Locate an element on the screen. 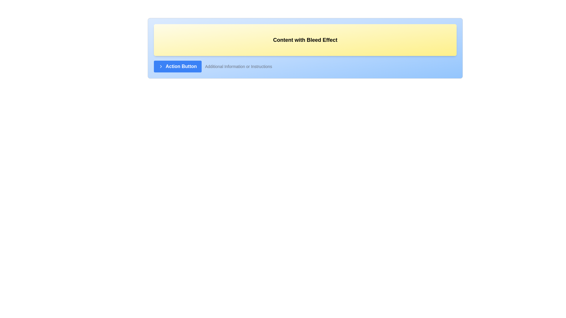  the Text Label displaying 'Additional Information or Instructions', which is positioned to the right of the blue 'Action Button' is located at coordinates (238, 66).